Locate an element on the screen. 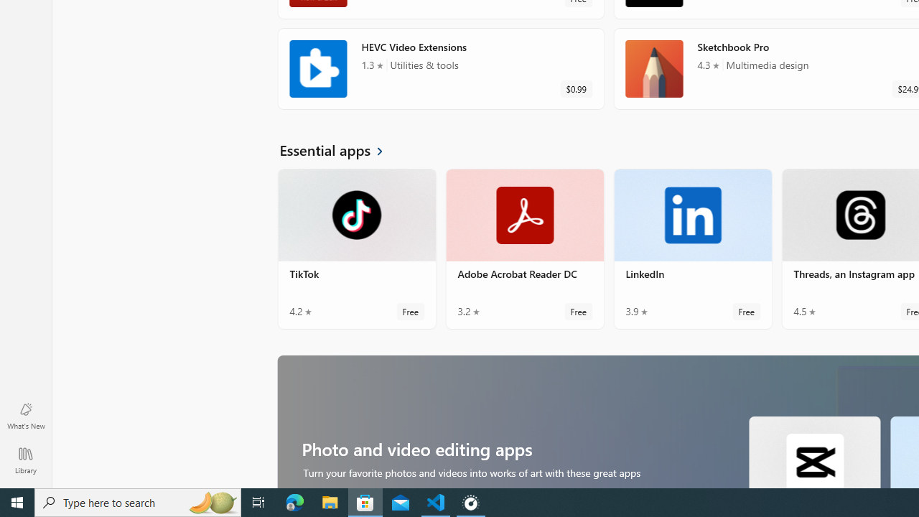 The width and height of the screenshot is (919, 517). 'CapCut. Average rating of 4.7 out of five stars. Free  ' is located at coordinates (814, 451).